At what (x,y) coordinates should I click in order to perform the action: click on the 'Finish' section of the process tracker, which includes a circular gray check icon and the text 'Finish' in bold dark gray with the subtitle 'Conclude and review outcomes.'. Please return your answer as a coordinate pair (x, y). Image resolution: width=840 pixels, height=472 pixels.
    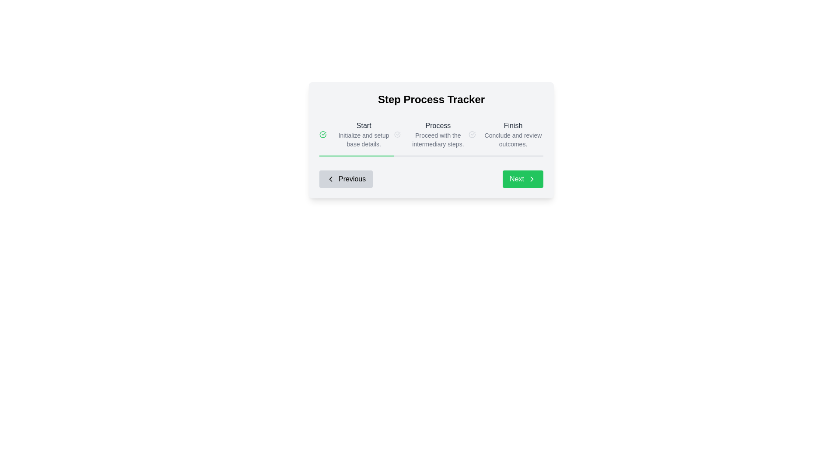
    Looking at the image, I should click on (506, 135).